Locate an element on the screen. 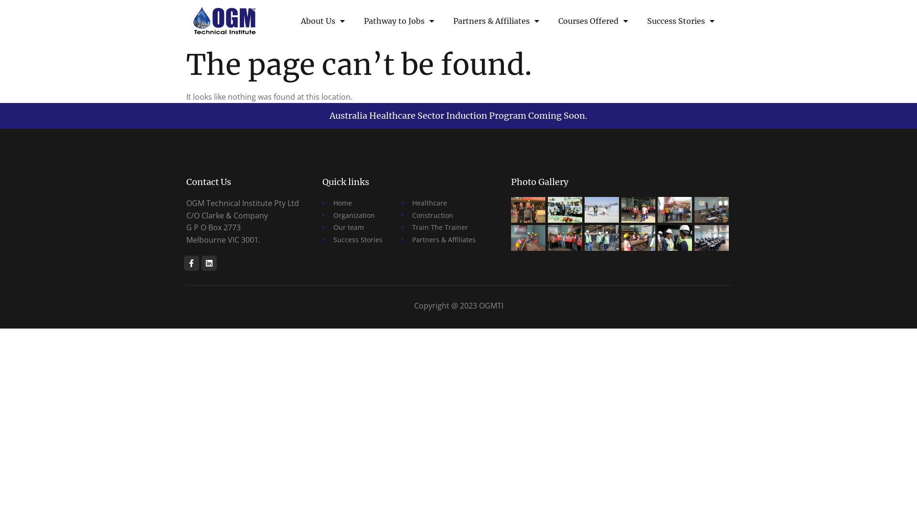 This screenshot has height=515, width=917. 'Healthcare' is located at coordinates (437, 202).